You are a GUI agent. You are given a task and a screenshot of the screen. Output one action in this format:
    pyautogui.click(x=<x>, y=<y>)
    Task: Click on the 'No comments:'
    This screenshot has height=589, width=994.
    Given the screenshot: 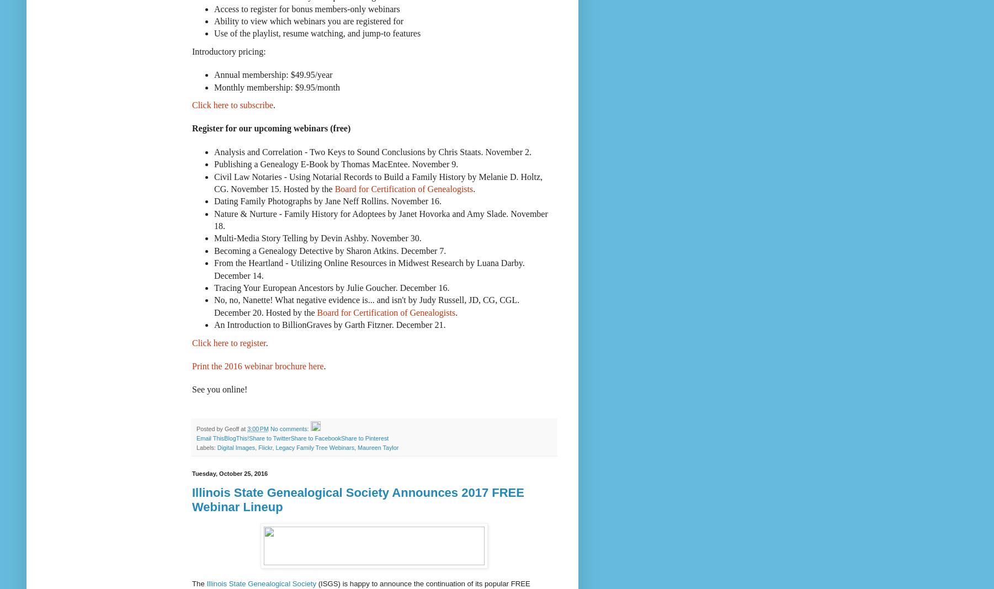 What is the action you would take?
    pyautogui.click(x=290, y=428)
    